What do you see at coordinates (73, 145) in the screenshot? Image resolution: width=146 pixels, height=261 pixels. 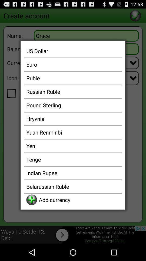 I see `yen` at bounding box center [73, 145].